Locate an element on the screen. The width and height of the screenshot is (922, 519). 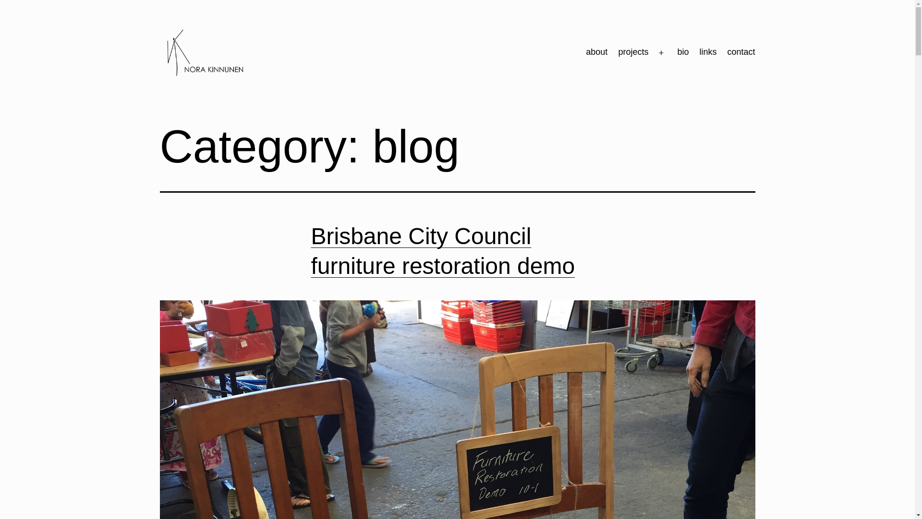
'contact' is located at coordinates (740, 53).